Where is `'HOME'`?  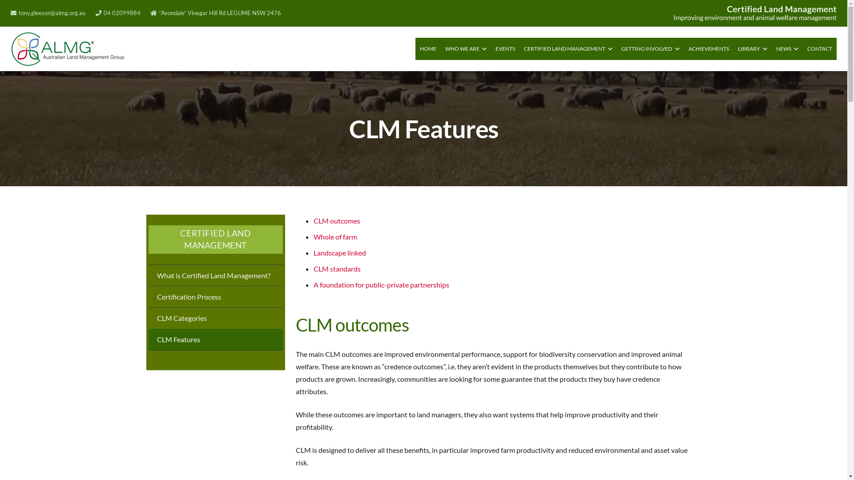
'HOME' is located at coordinates (428, 49).